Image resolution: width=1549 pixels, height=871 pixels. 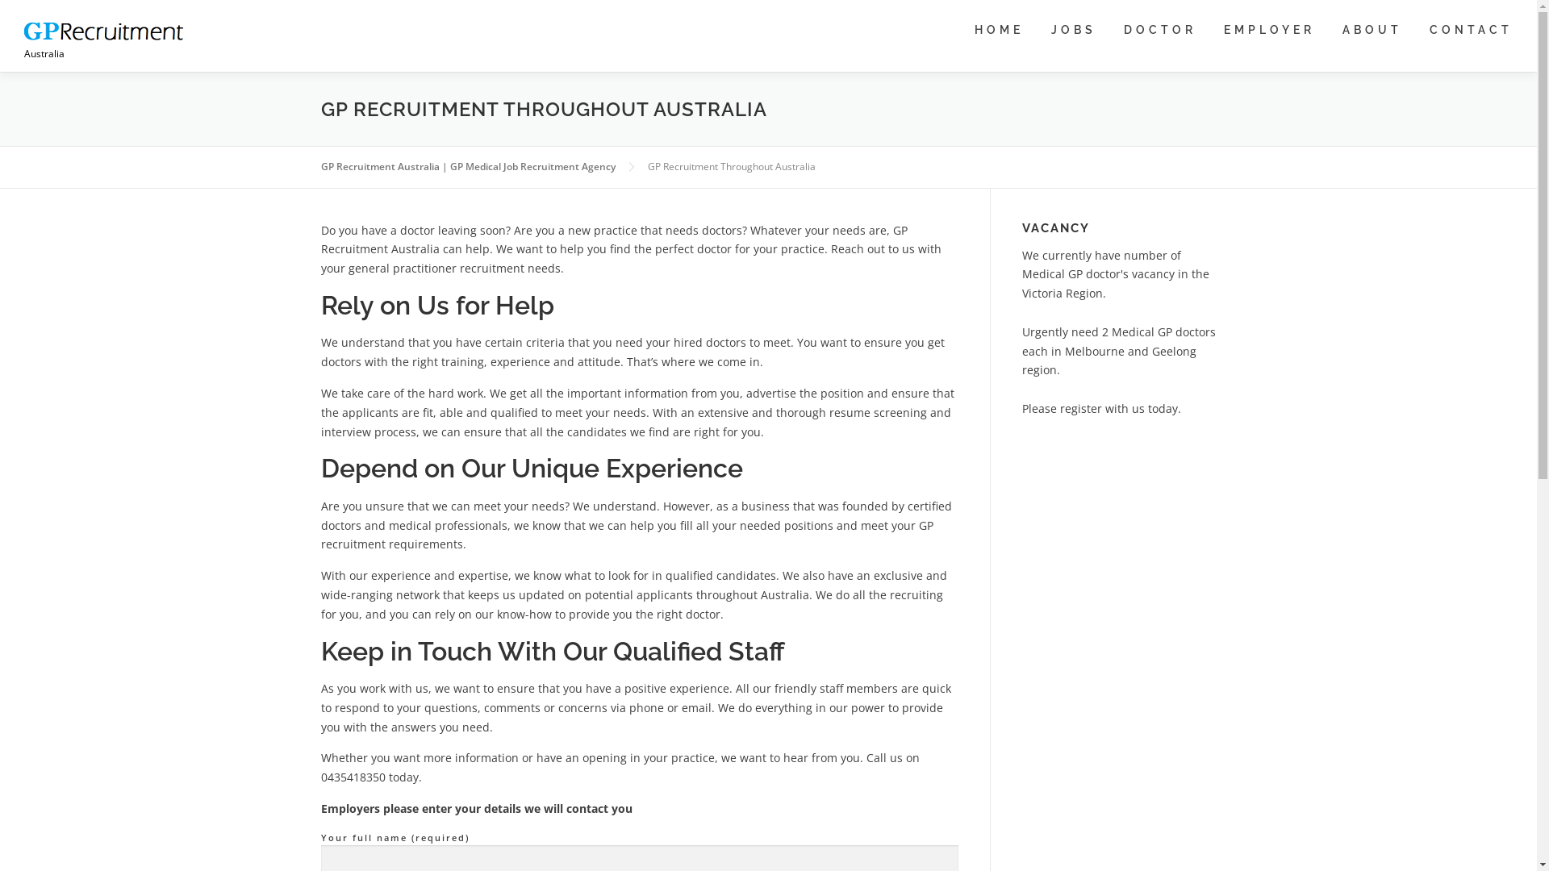 What do you see at coordinates (1371, 30) in the screenshot?
I see `'ABOUT'` at bounding box center [1371, 30].